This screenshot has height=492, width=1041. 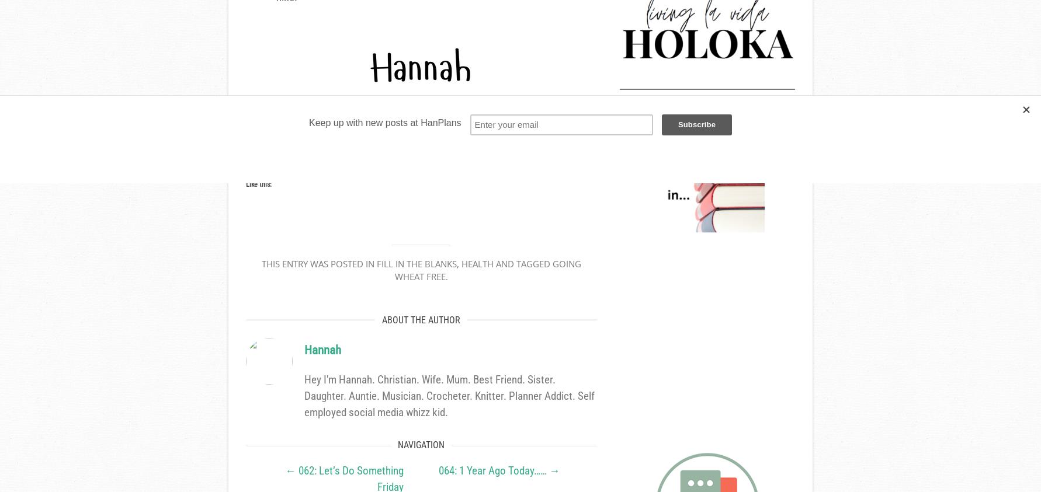 I want to click on 'Fill In The Blanks', so click(x=415, y=263).